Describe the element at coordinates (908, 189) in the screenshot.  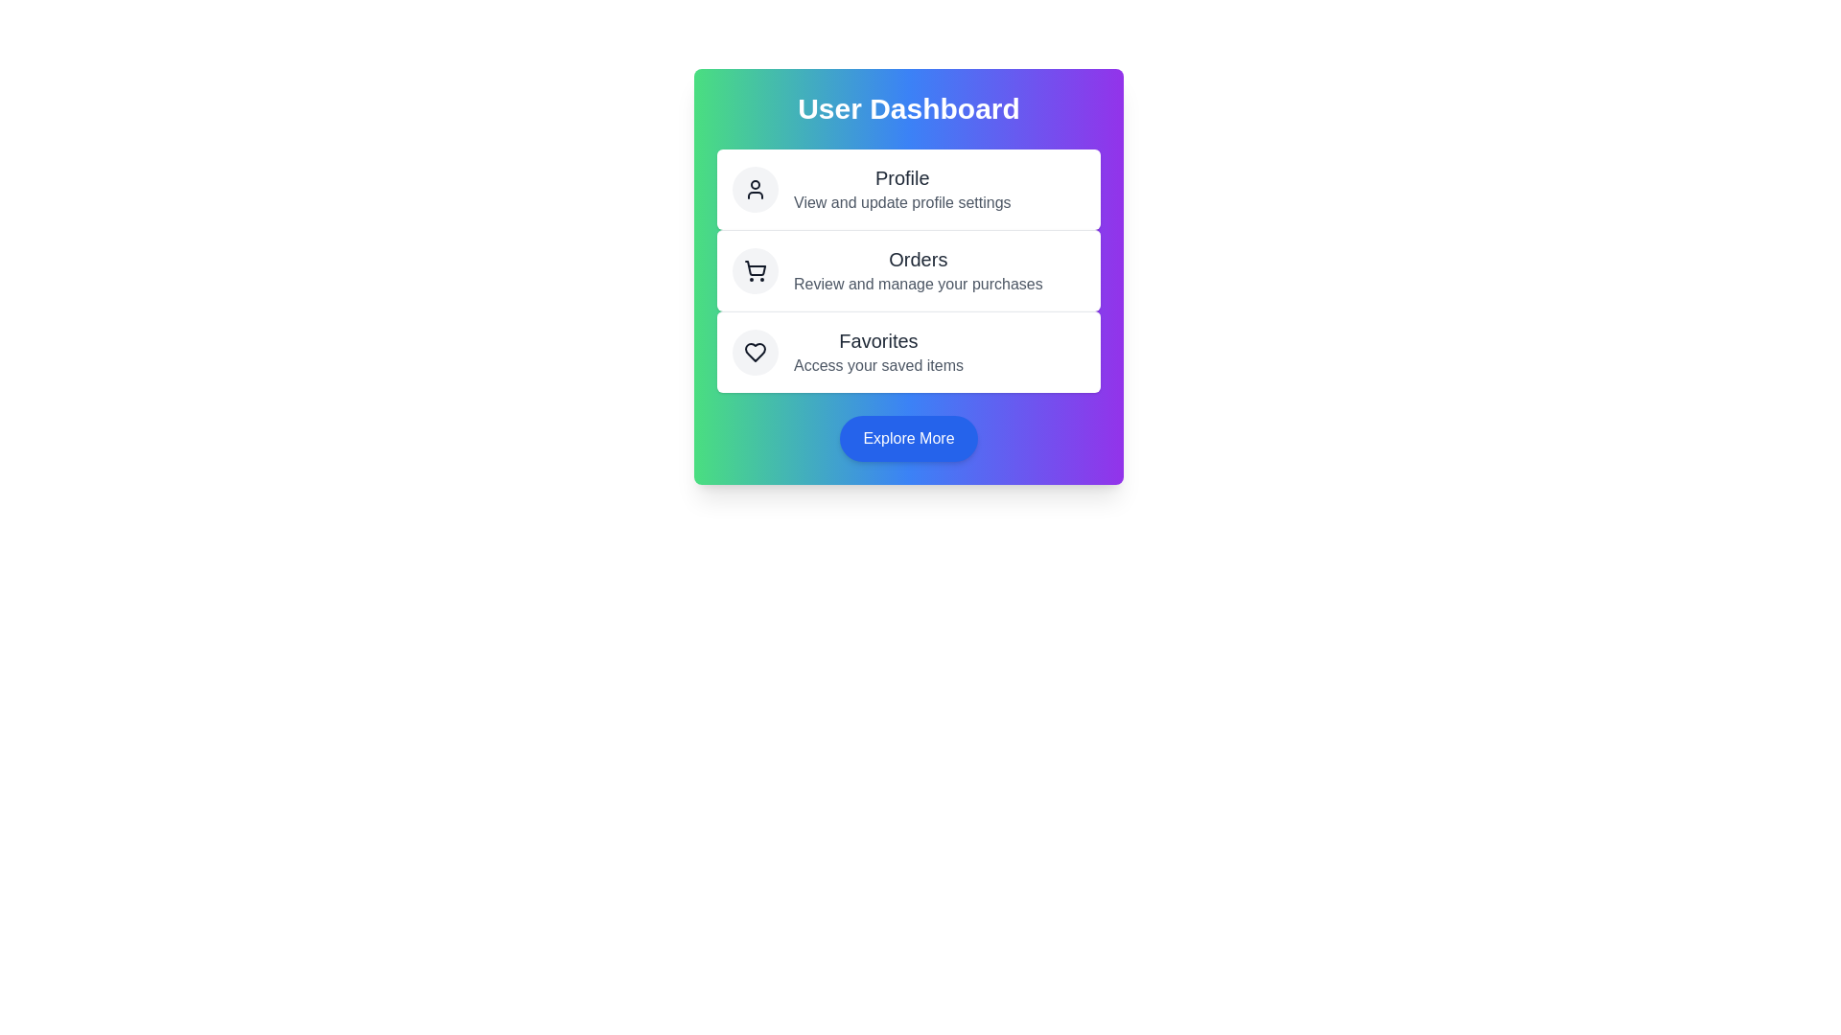
I see `the action Profile to observe the hover effect` at that location.